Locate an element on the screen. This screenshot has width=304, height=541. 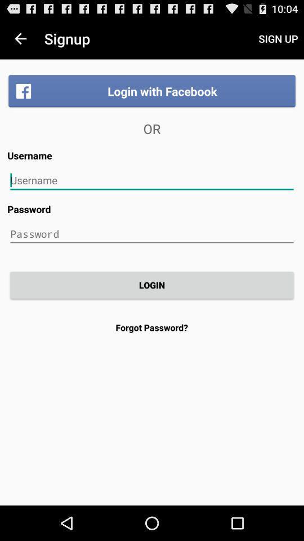
password input is located at coordinates (152, 233).